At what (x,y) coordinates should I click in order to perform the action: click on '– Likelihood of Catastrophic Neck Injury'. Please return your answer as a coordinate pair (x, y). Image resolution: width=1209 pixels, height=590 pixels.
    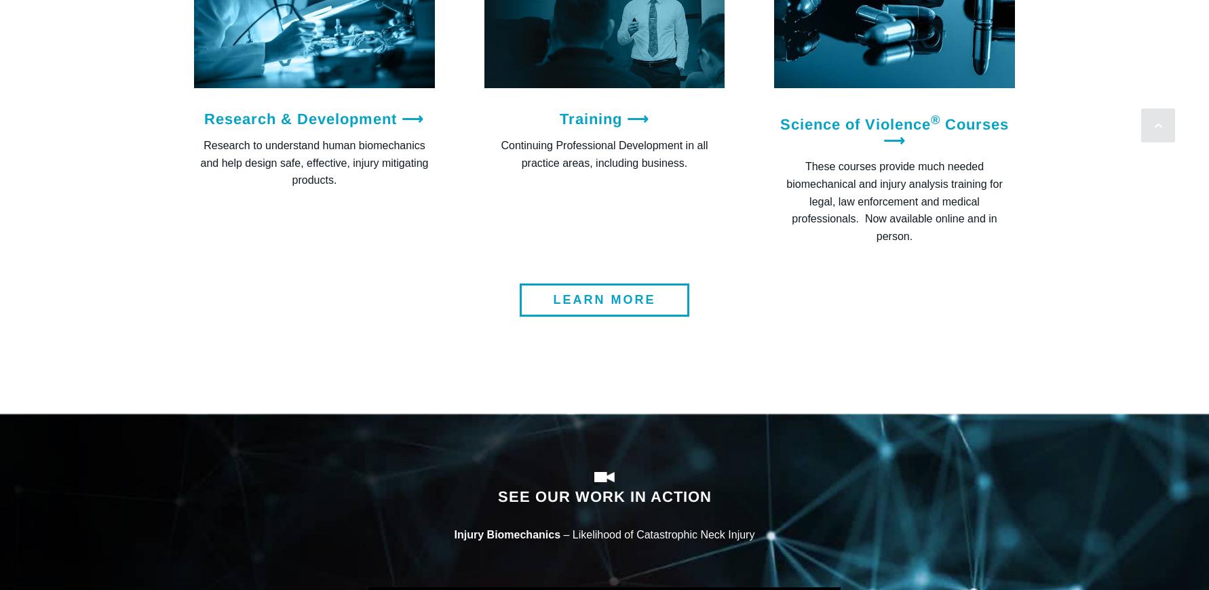
    Looking at the image, I should click on (657, 534).